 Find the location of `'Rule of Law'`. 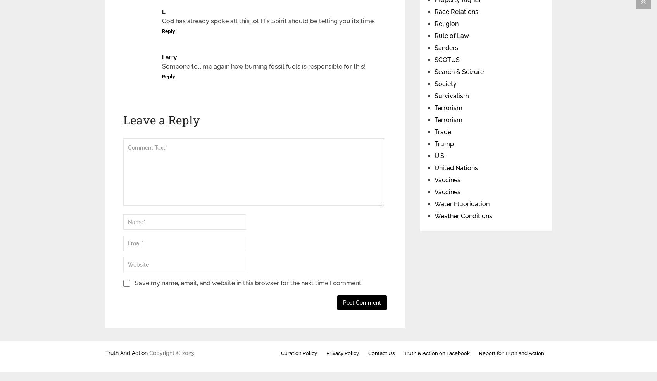

'Rule of Law' is located at coordinates (451, 35).